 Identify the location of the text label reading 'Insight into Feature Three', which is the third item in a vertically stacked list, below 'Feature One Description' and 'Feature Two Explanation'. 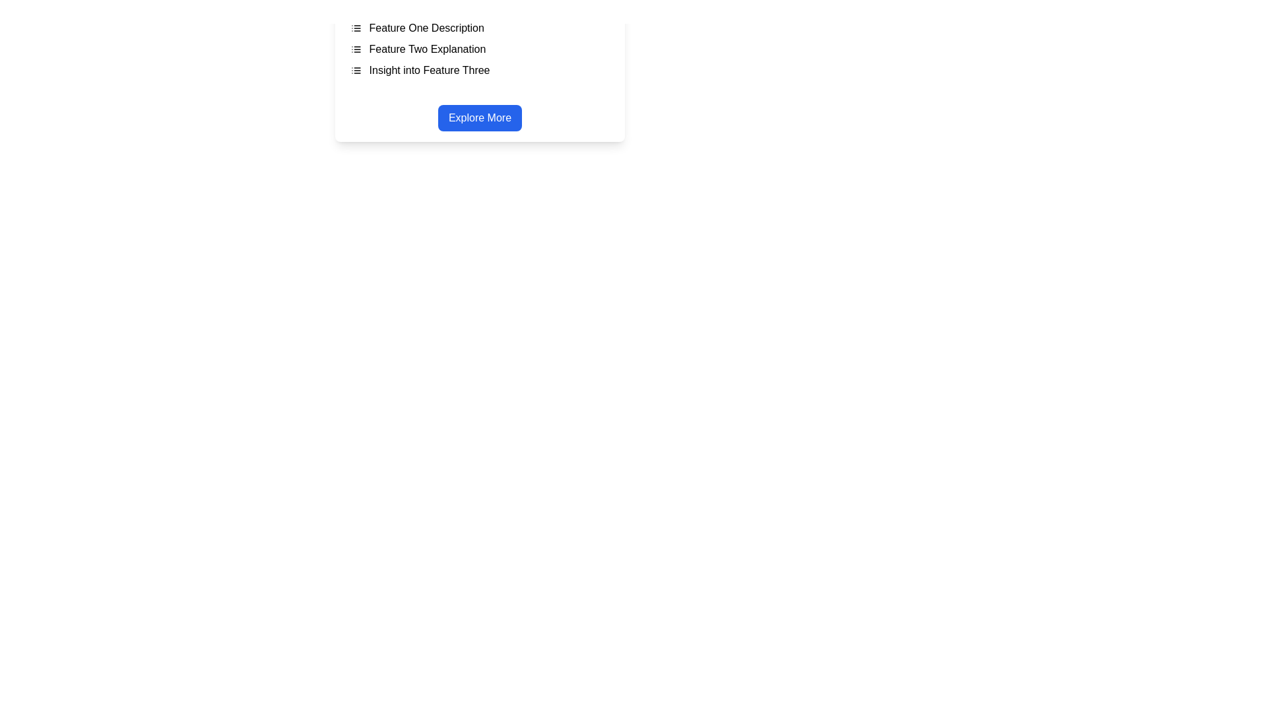
(430, 70).